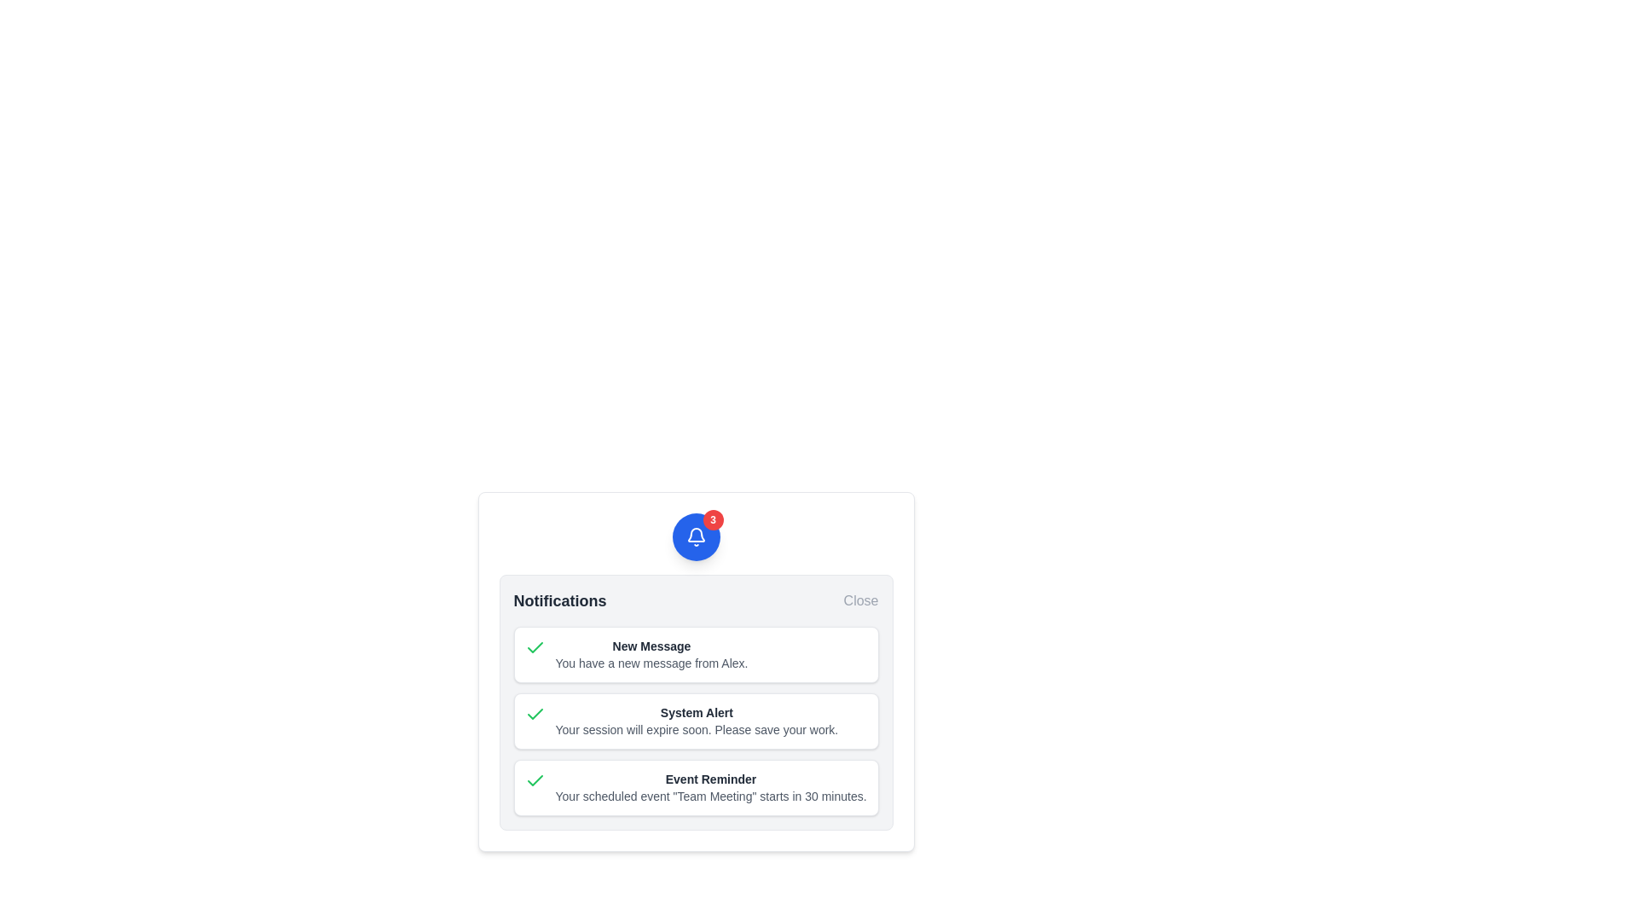 This screenshot has width=1637, height=921. What do you see at coordinates (534, 714) in the screenshot?
I see `the bright green checkmark icon inside the 'System Alert' notification to acknowledge the notification` at bounding box center [534, 714].